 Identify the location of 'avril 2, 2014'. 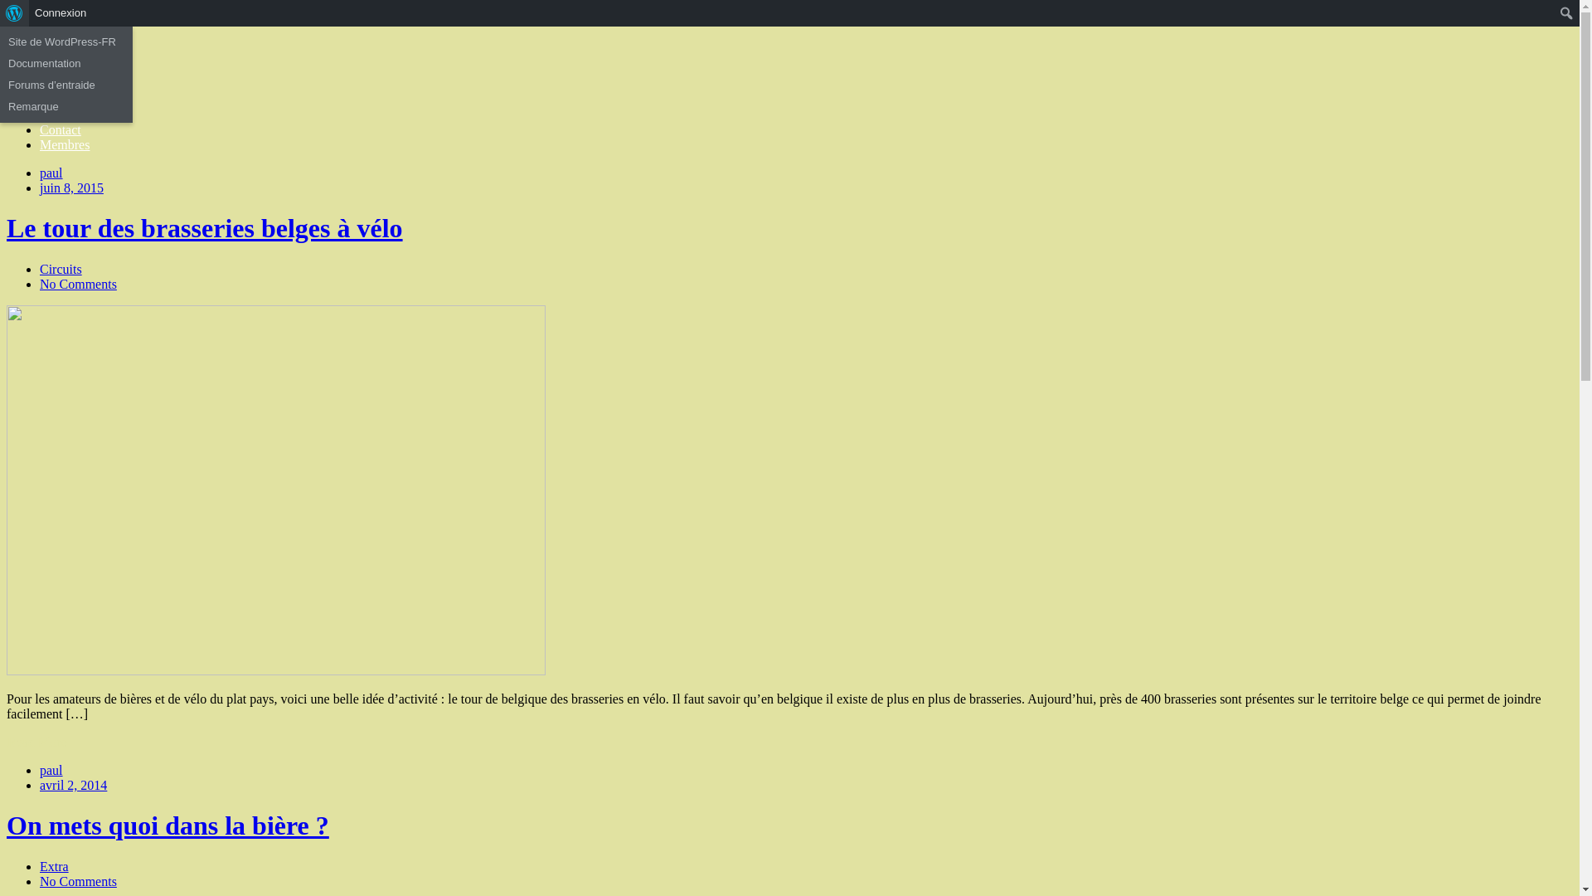
(72, 784).